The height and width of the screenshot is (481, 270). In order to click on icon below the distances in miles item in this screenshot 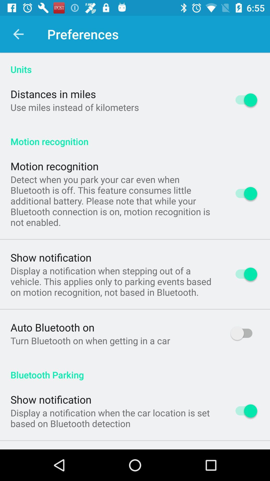, I will do `click(74, 107)`.